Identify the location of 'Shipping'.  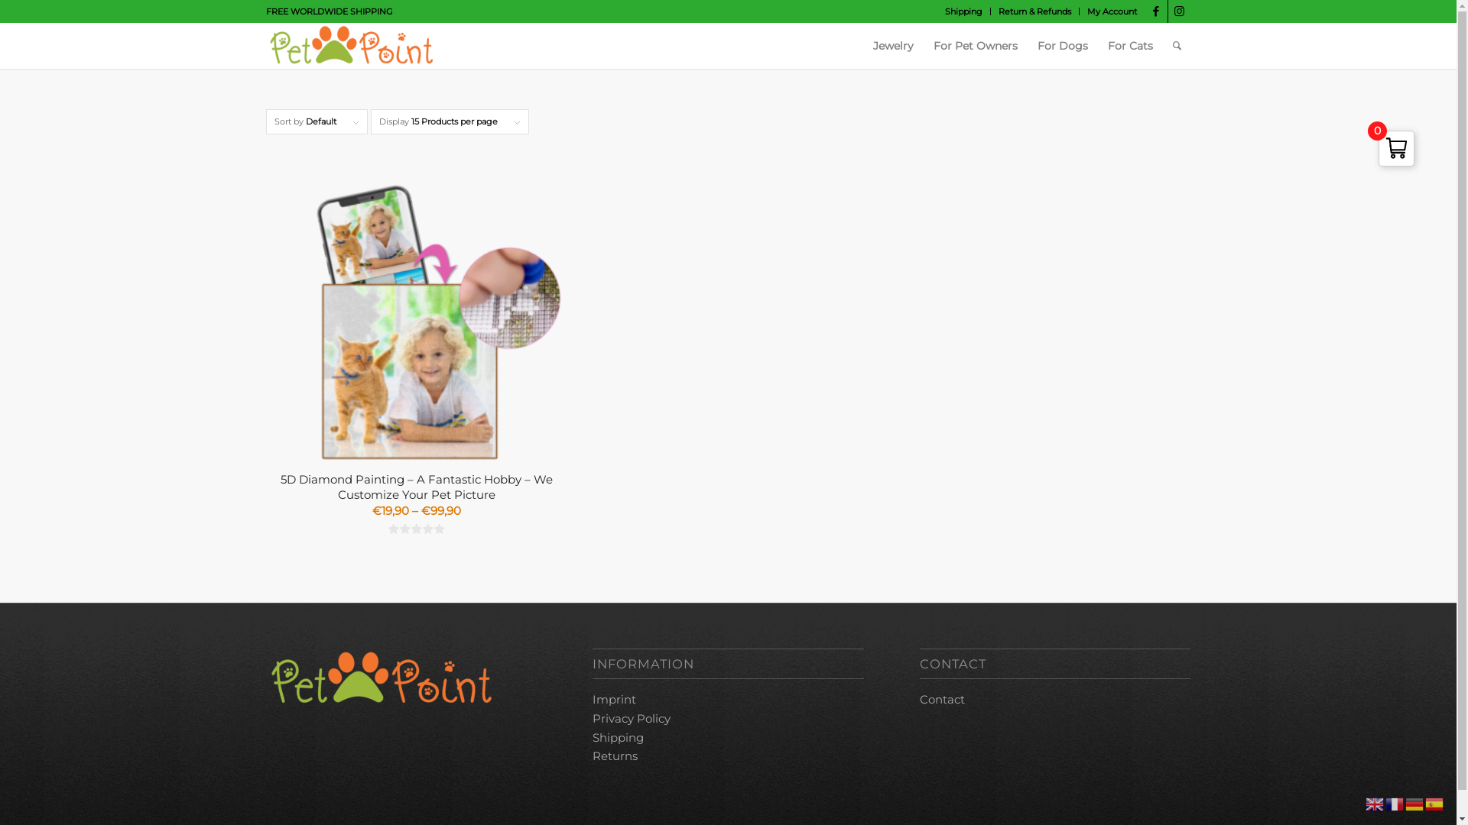
(963, 11).